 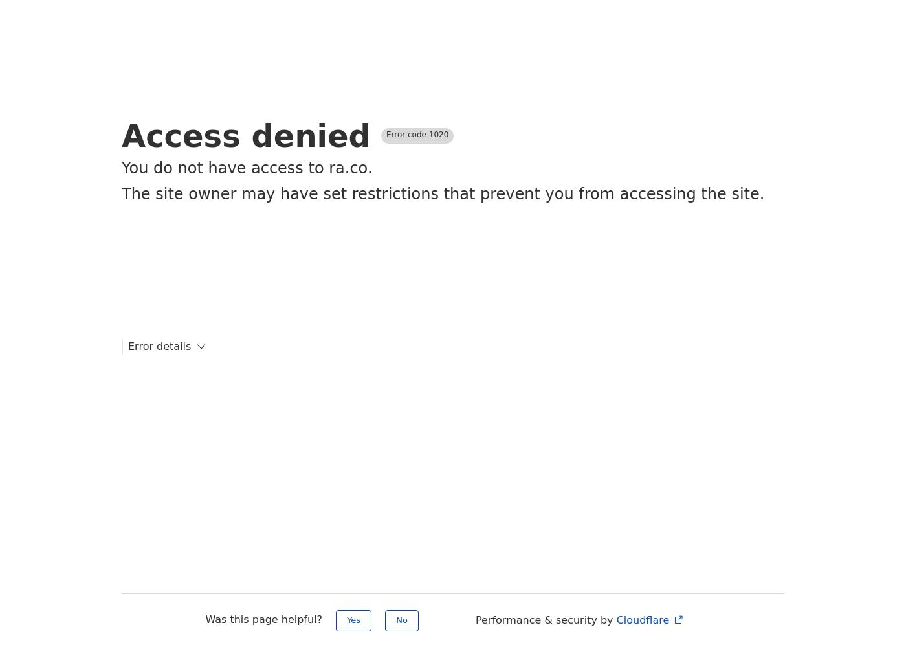 What do you see at coordinates (265, 619) in the screenshot?
I see `'Was this page helpful?'` at bounding box center [265, 619].